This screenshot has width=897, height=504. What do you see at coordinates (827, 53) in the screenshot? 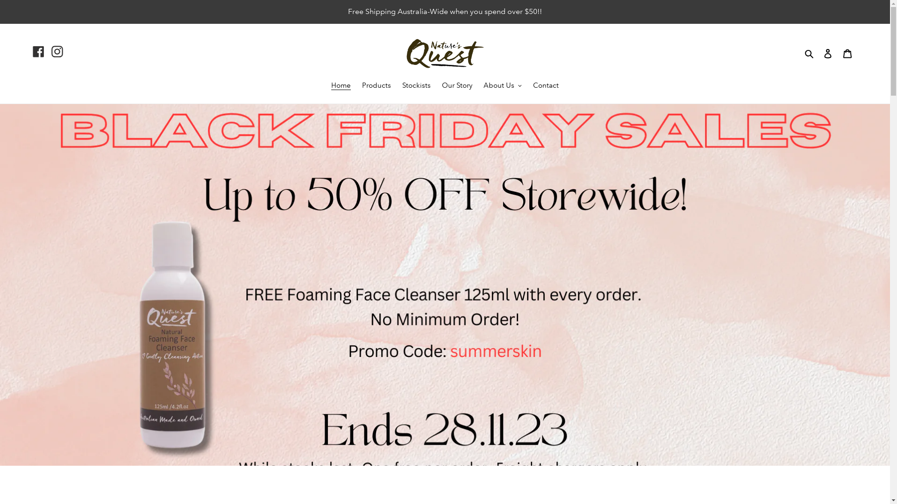
I see `'Log in'` at bounding box center [827, 53].